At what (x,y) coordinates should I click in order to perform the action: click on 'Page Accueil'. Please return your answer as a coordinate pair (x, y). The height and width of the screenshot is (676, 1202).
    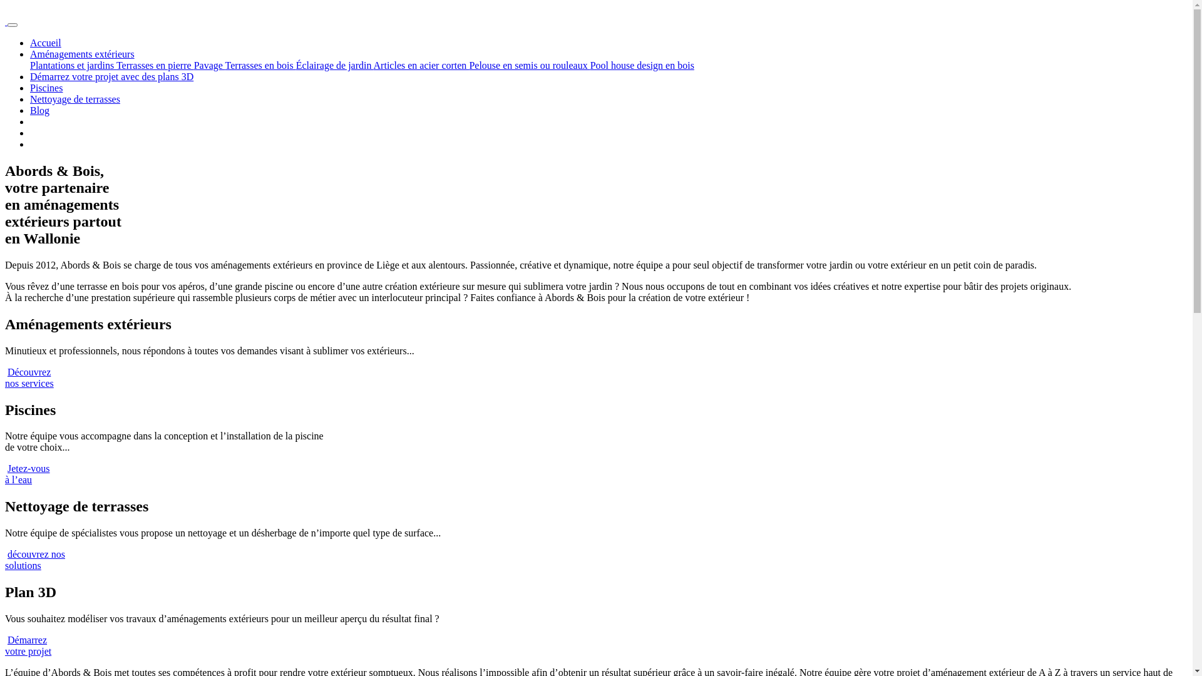
    Looking at the image, I should click on (6, 21).